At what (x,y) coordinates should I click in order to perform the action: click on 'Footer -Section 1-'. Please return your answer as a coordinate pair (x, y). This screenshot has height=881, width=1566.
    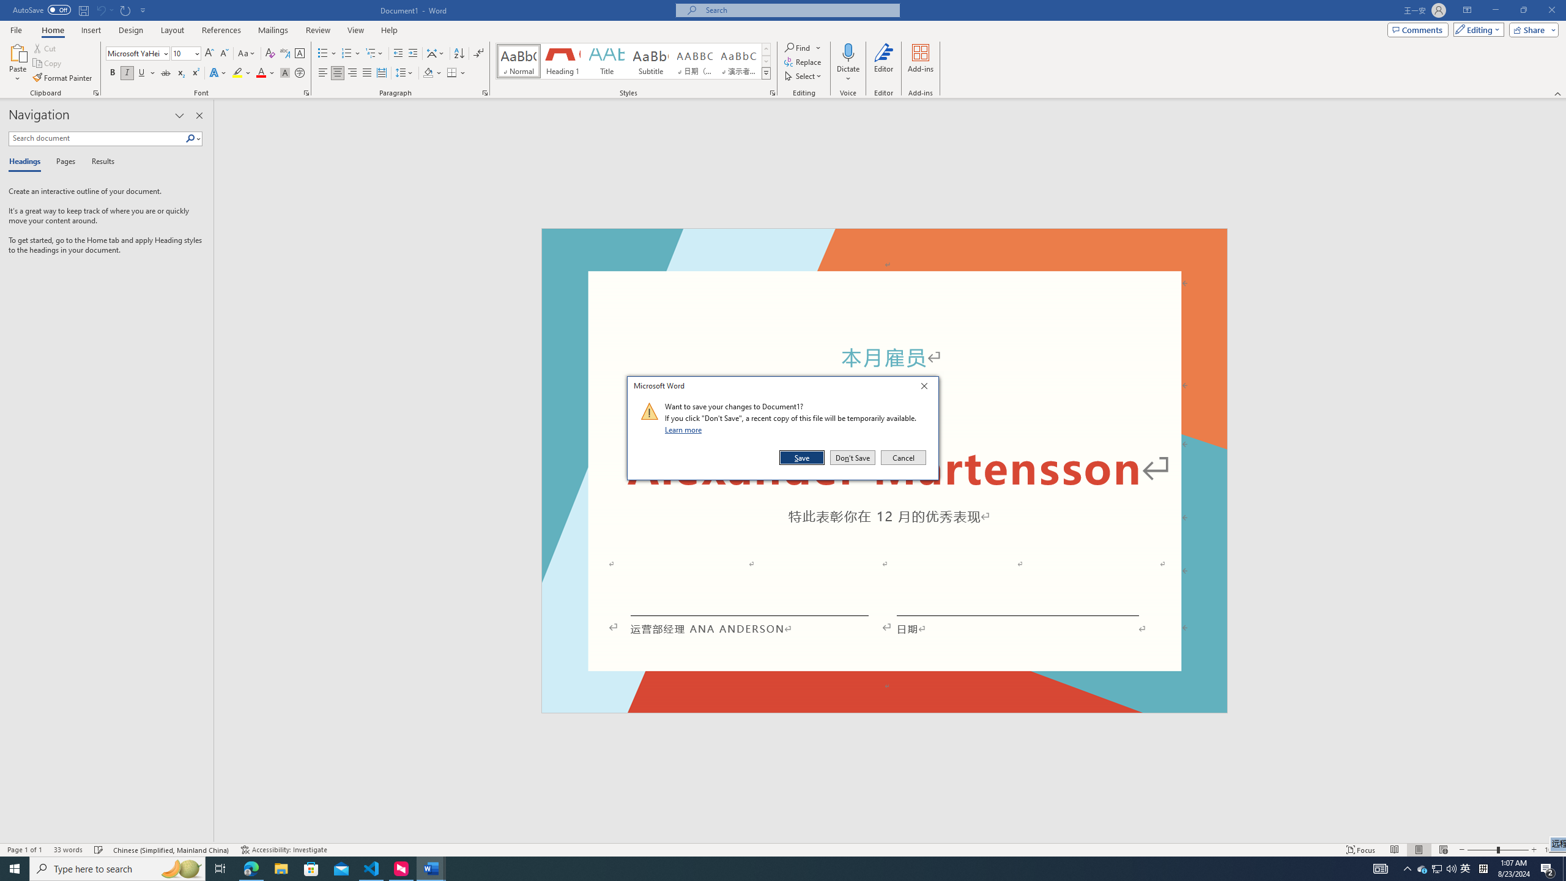
    Looking at the image, I should click on (885, 707).